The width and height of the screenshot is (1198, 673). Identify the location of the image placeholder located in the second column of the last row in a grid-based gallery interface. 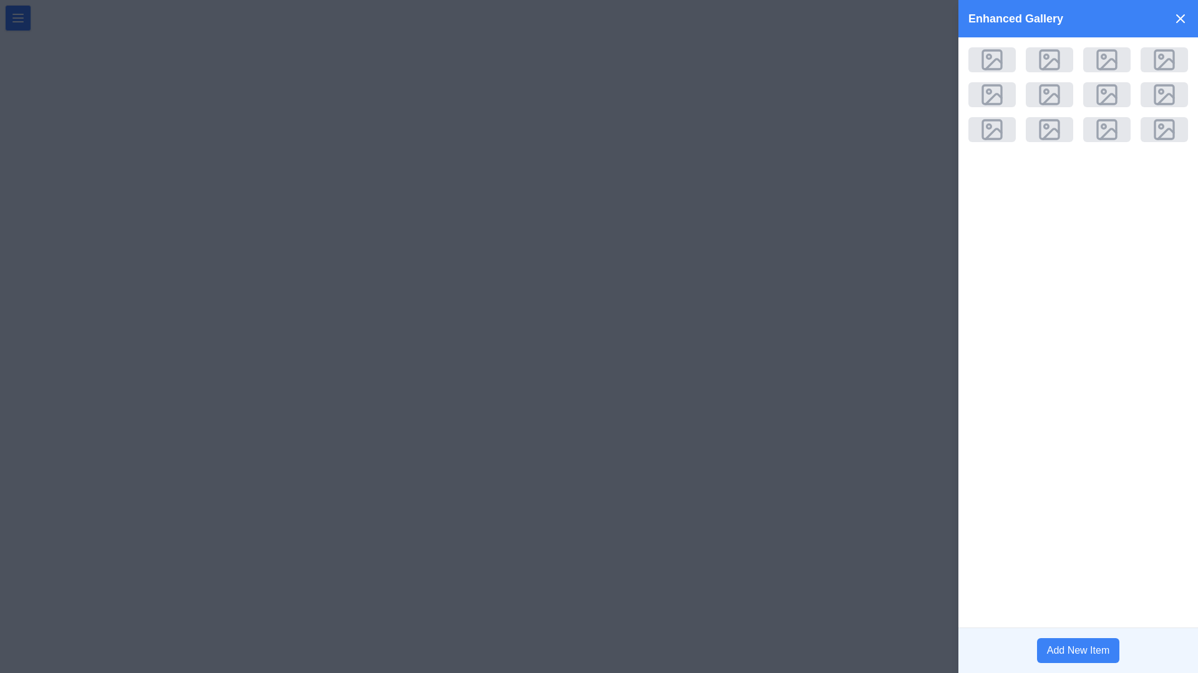
(991, 130).